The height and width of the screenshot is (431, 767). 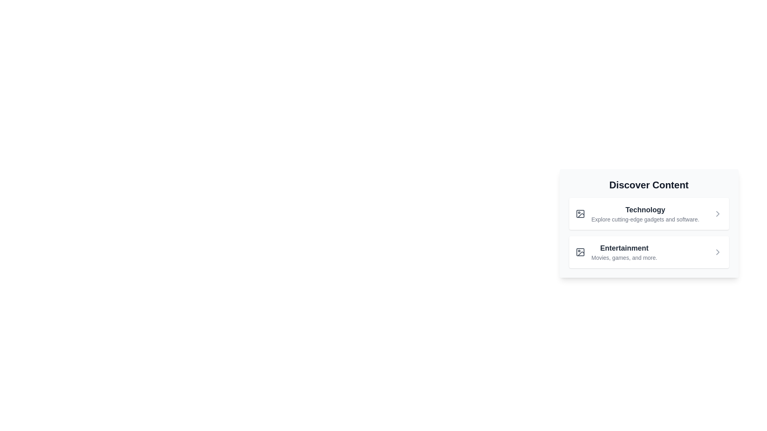 What do you see at coordinates (649, 252) in the screenshot?
I see `the 'Entertainment' card/button, which is the second option in a vertical list` at bounding box center [649, 252].